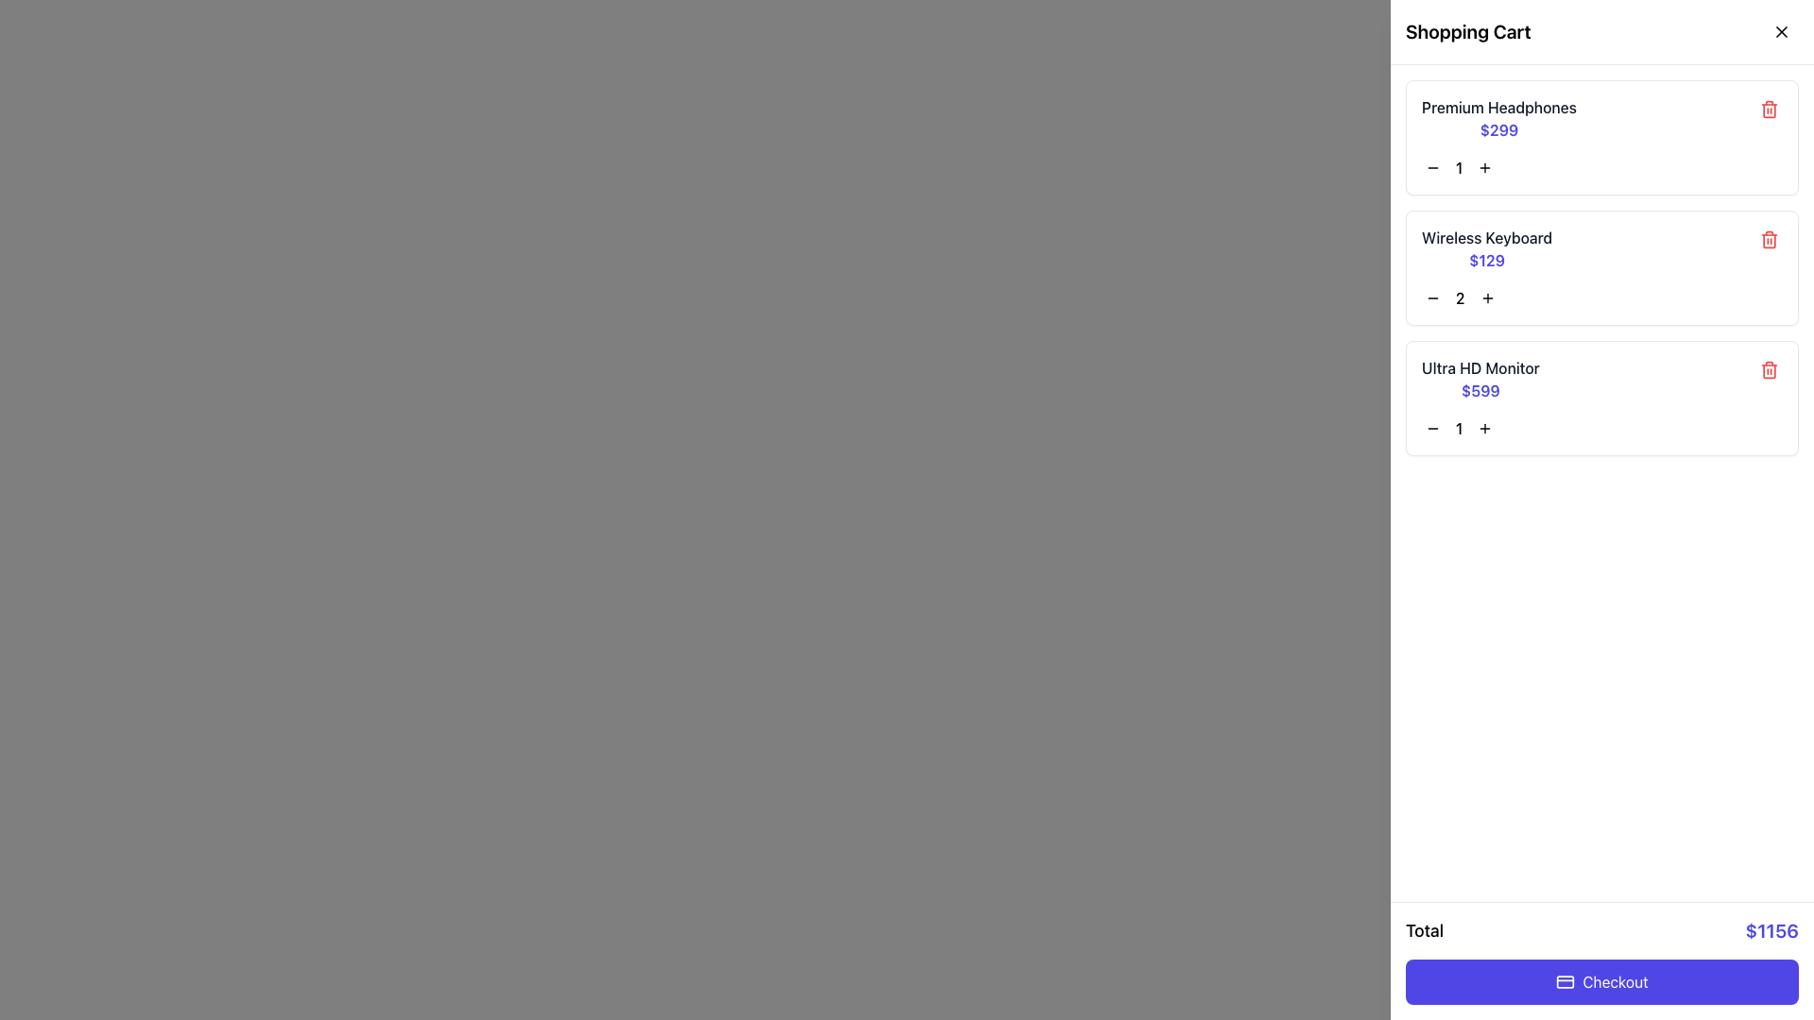 This screenshot has width=1814, height=1020. What do you see at coordinates (1498, 119) in the screenshot?
I see `the text display showing the product title and price at the top of the shopping cart list` at bounding box center [1498, 119].